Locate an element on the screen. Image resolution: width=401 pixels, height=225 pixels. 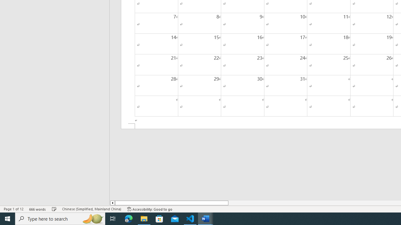
'Spelling and Grammar Check Checking' is located at coordinates (54, 209).